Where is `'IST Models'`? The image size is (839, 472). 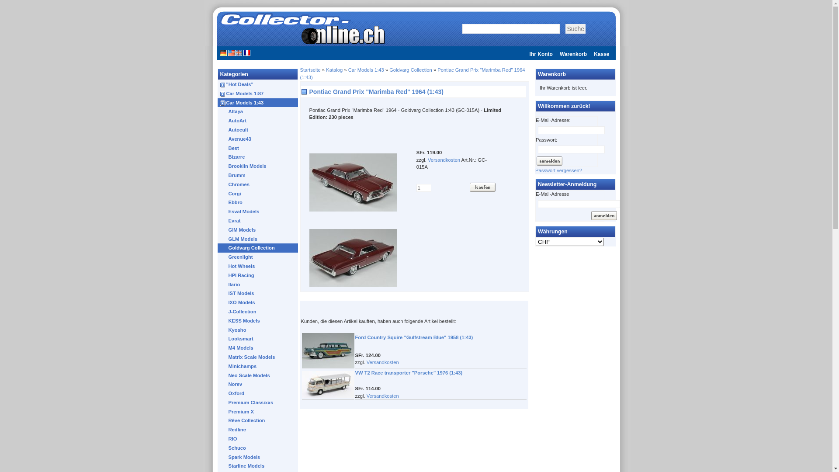 'IST Models' is located at coordinates (259, 293).